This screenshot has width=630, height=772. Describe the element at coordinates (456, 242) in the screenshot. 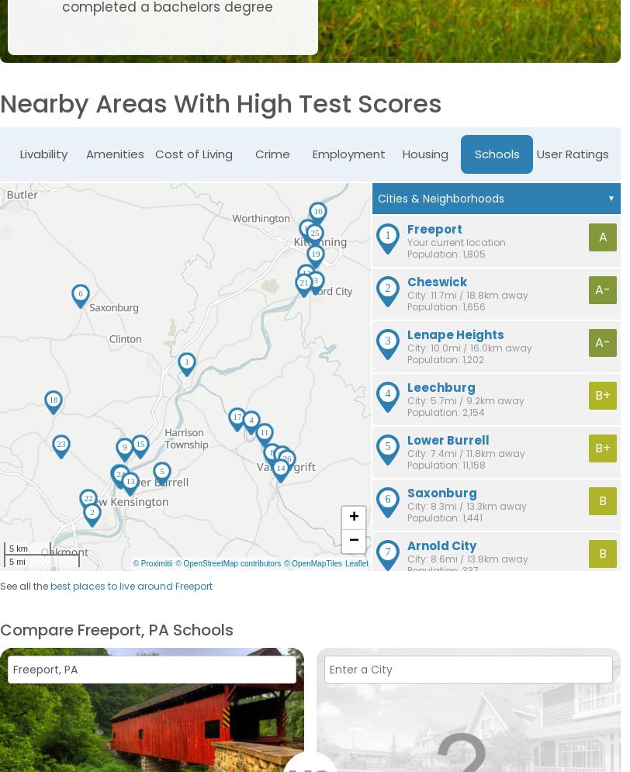

I see `'Your current location'` at that location.